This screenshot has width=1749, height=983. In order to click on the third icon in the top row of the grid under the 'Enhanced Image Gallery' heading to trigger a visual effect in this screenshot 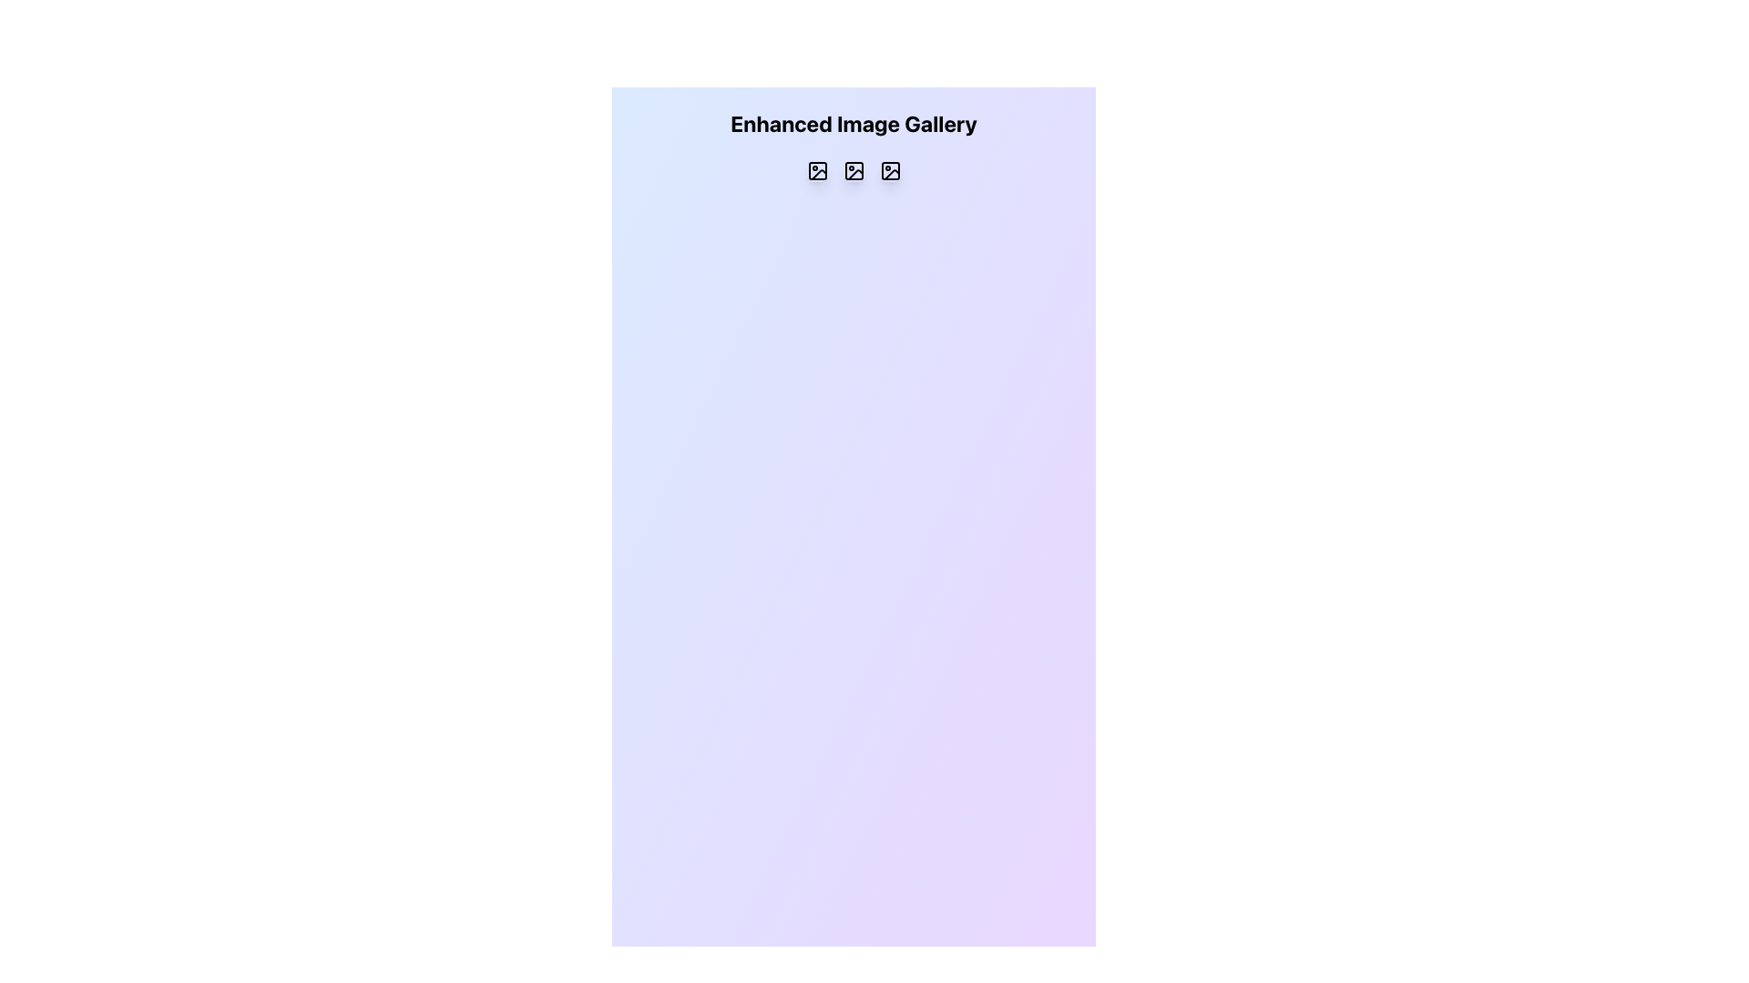, I will do `click(890, 171)`.